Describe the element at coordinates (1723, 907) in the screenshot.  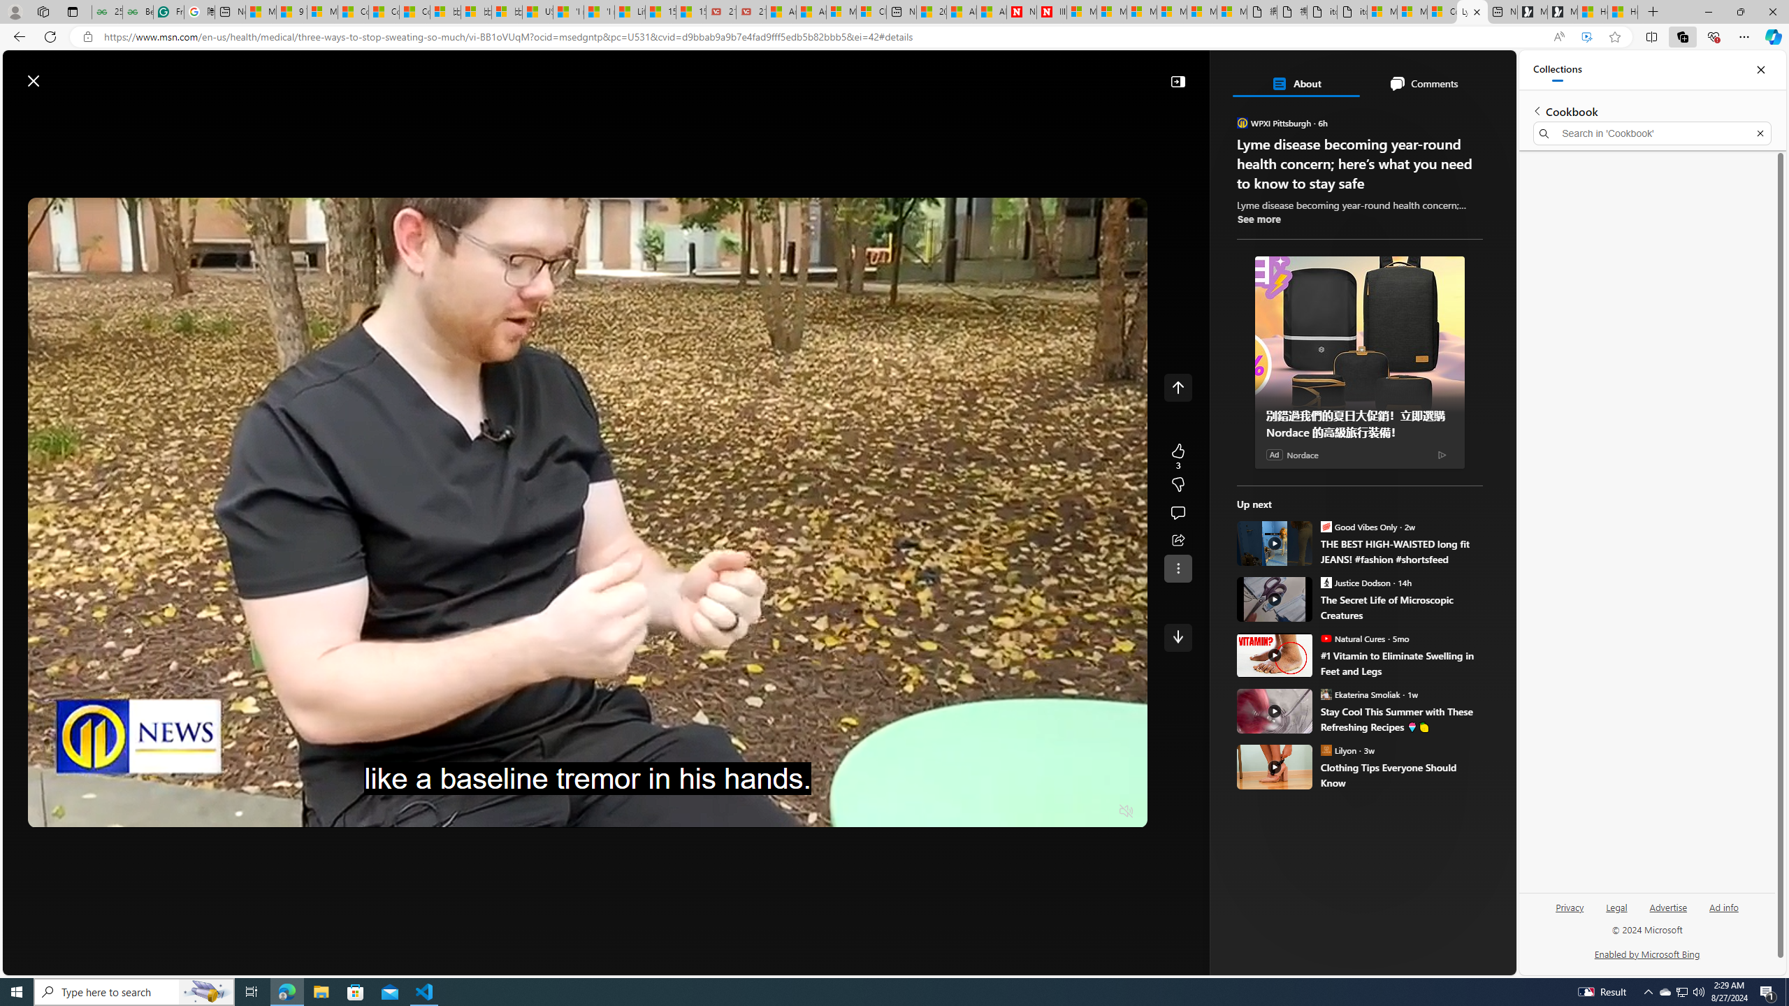
I see `'Ad info'` at that location.